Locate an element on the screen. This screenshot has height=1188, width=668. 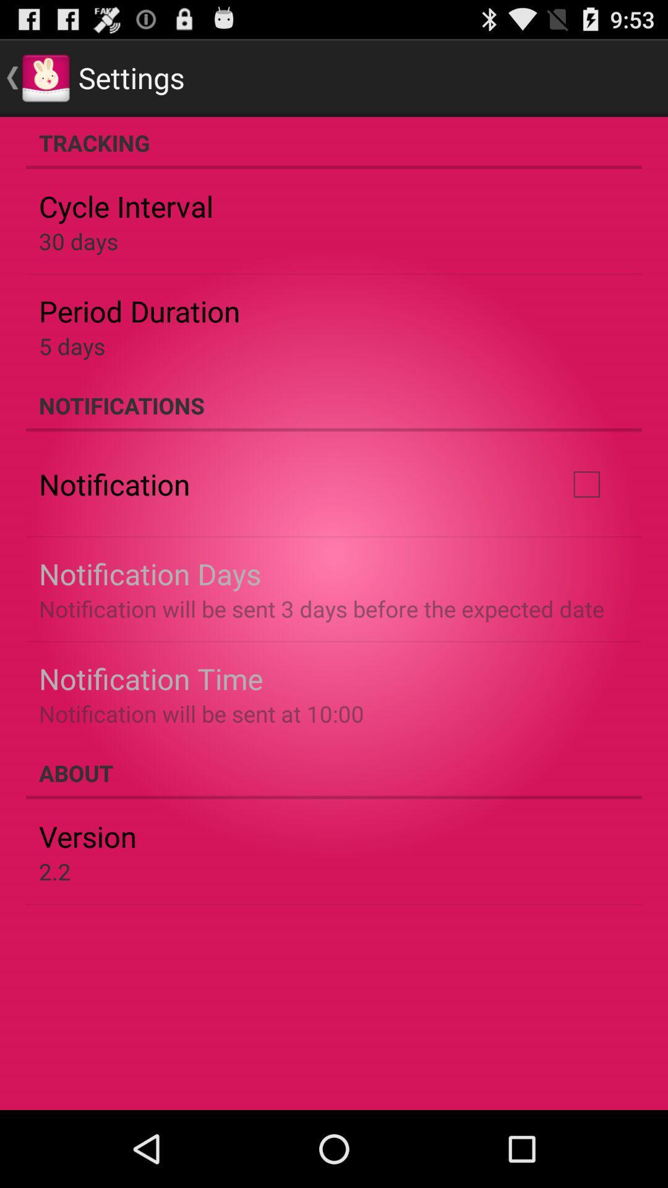
app below version icon is located at coordinates (54, 871).